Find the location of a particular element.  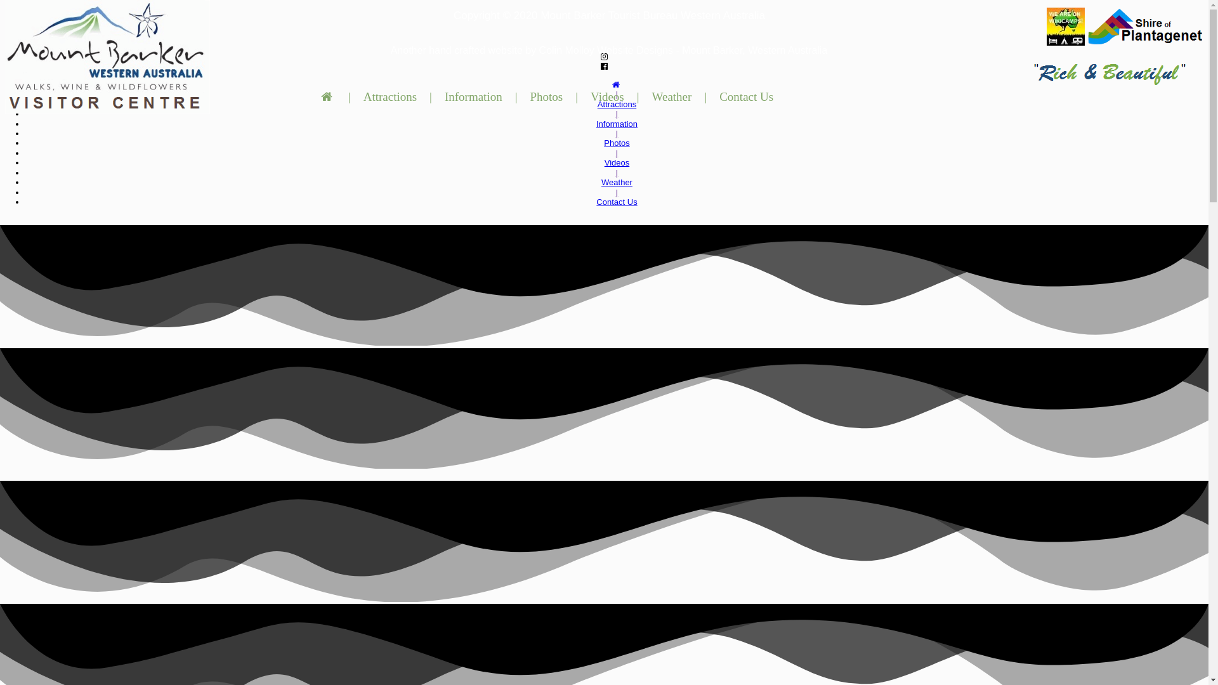

' ' is located at coordinates (328, 96).